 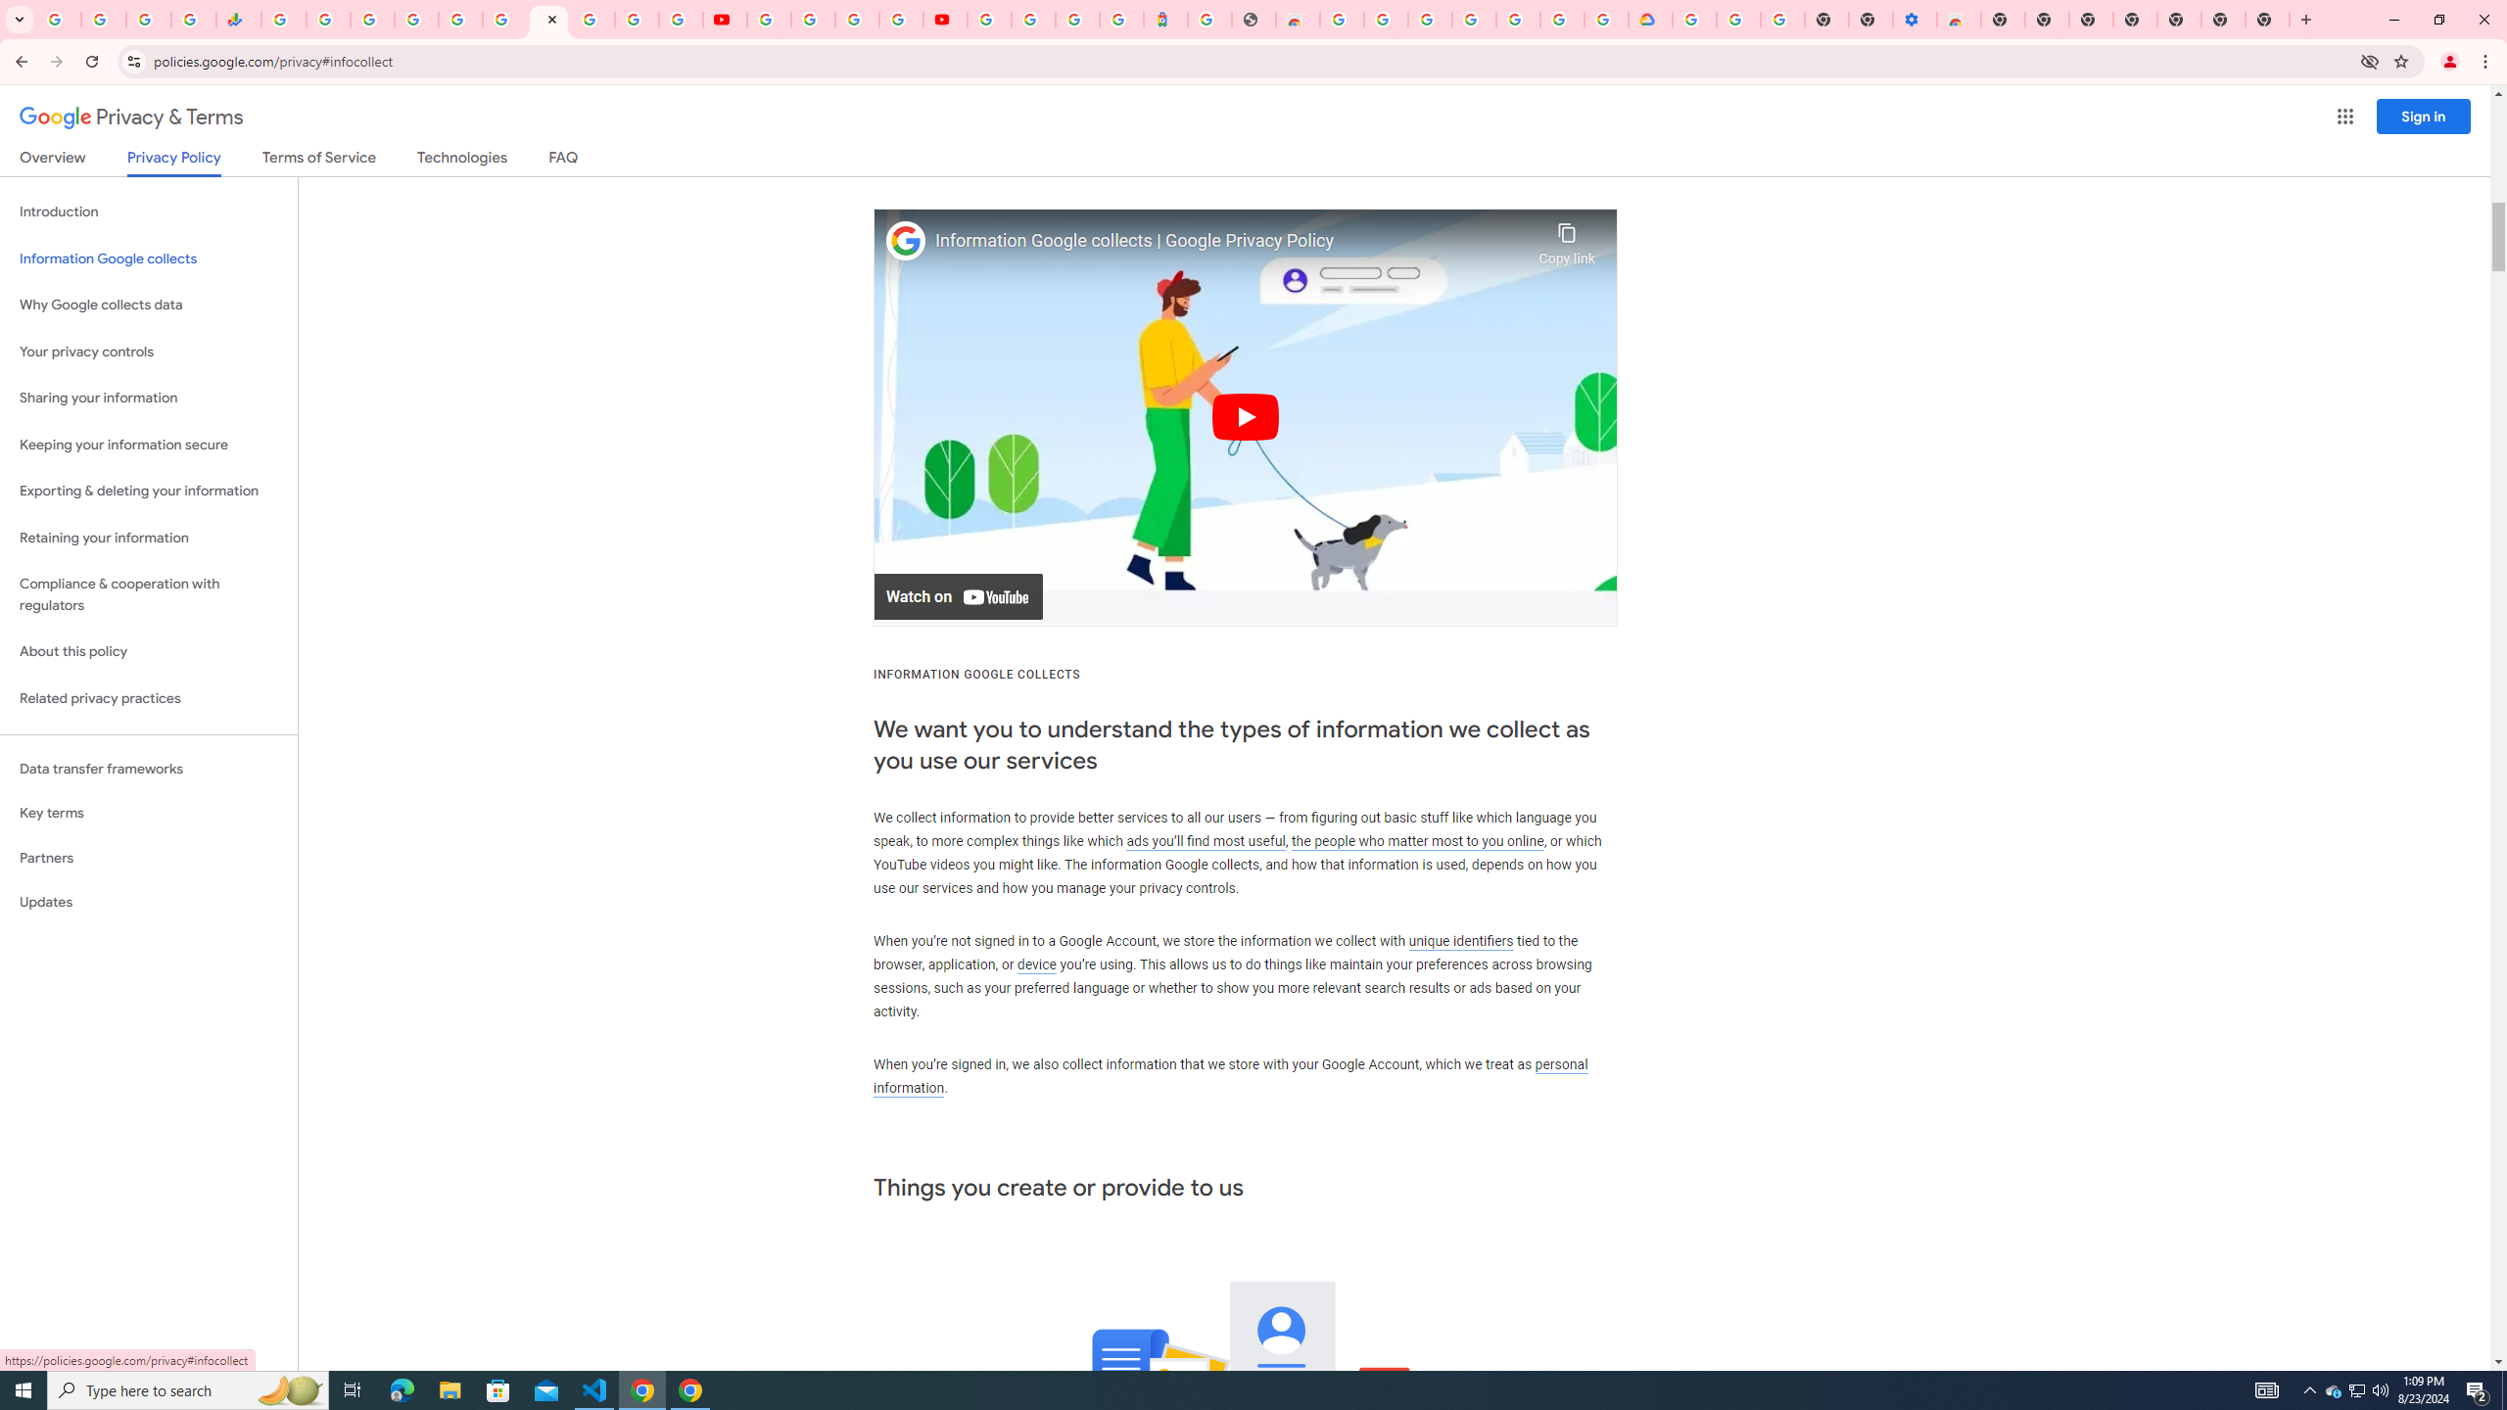 I want to click on 'Google apps', so click(x=2343, y=116).